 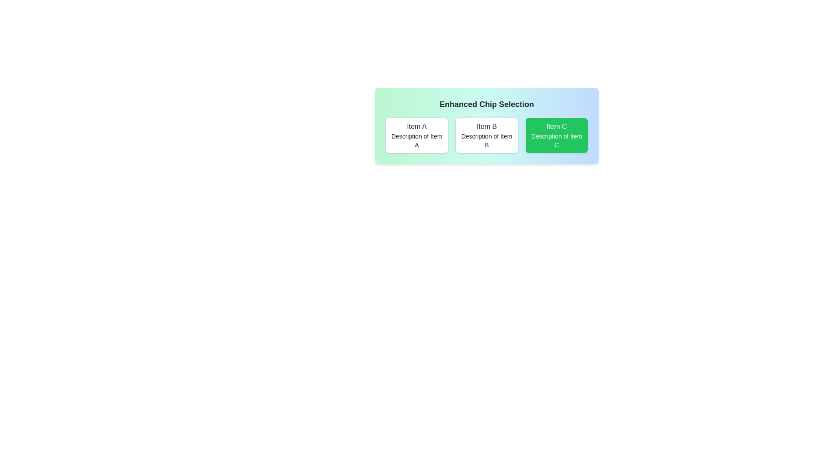 What do you see at coordinates (556, 135) in the screenshot?
I see `the item Item C by clicking on its button` at bounding box center [556, 135].